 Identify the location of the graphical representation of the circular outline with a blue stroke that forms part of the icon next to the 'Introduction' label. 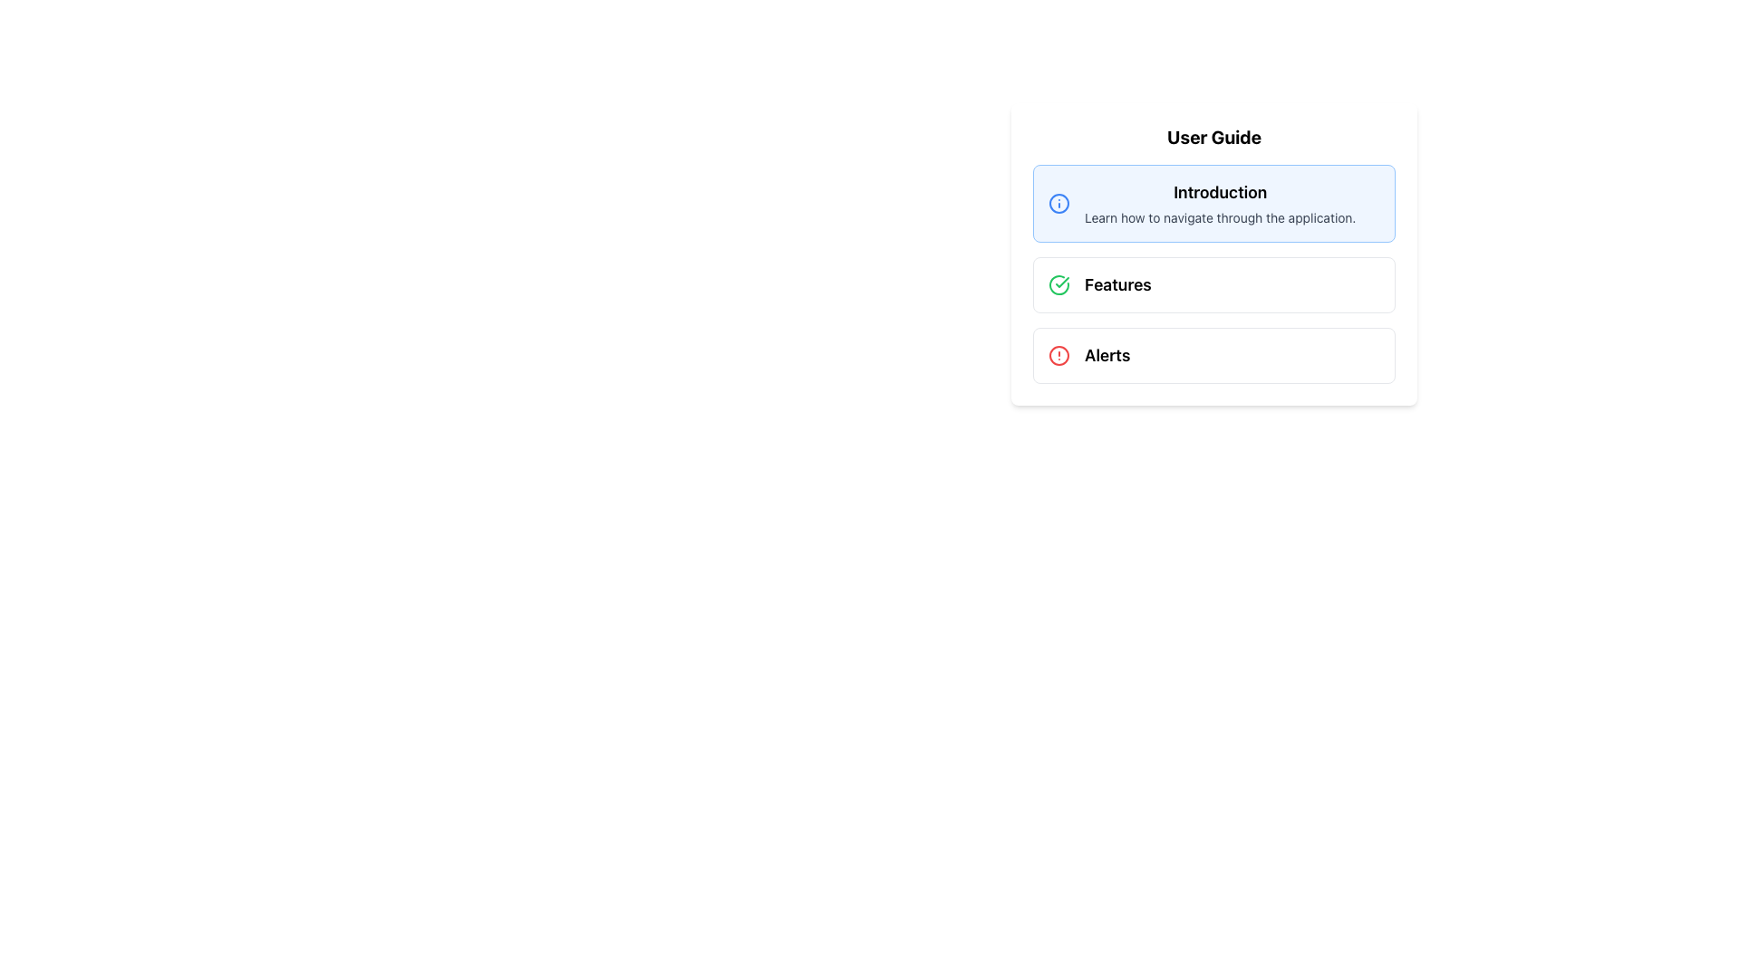
(1059, 203).